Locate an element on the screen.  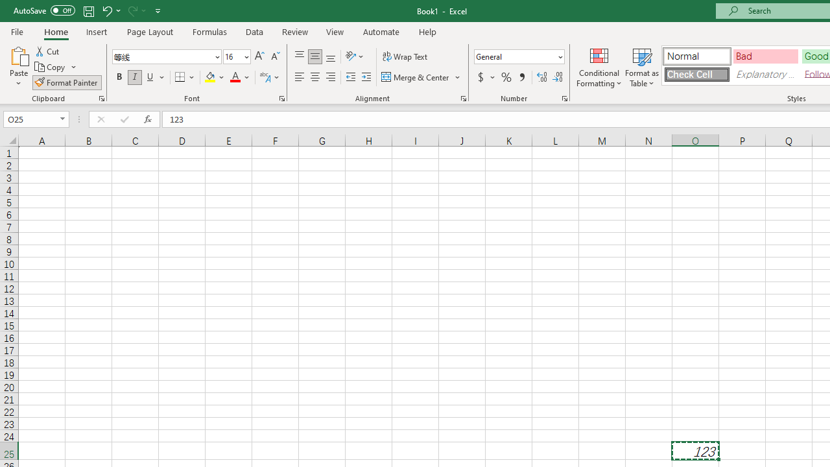
'Decrease Decimal' is located at coordinates (557, 77).